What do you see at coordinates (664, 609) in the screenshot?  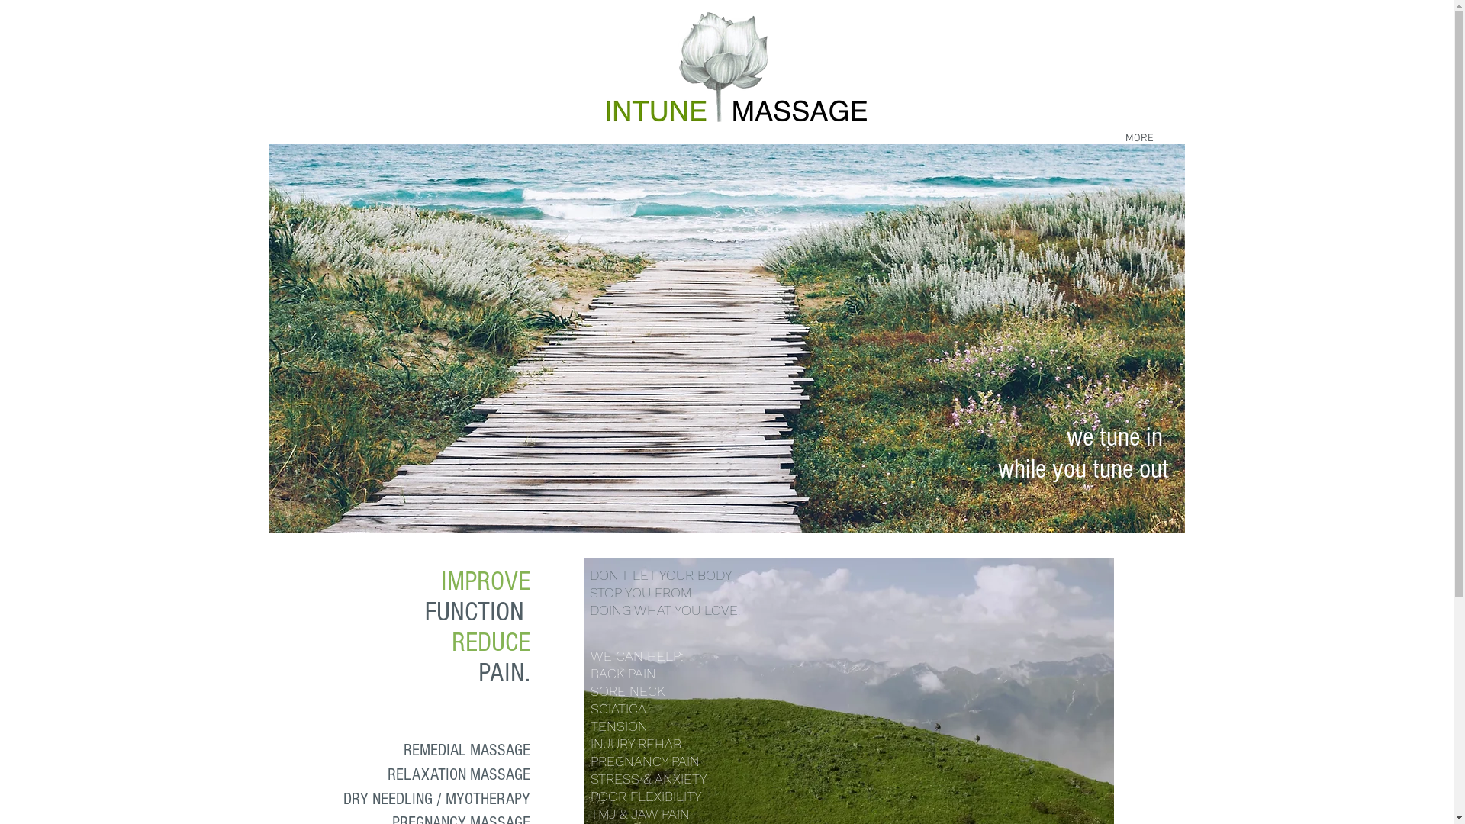 I see `'DOING WHAT YOU LOVE.'` at bounding box center [664, 609].